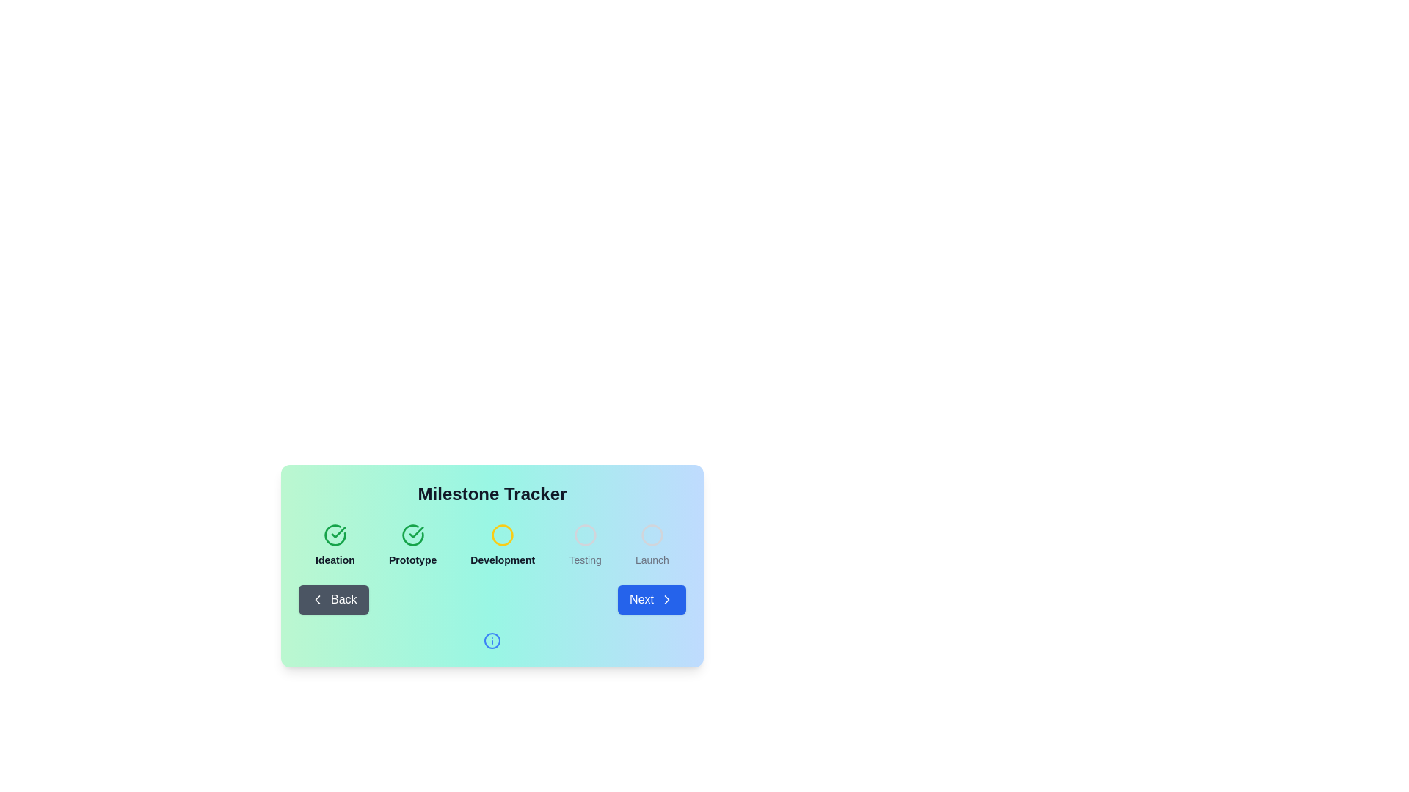 Image resolution: width=1409 pixels, height=792 pixels. What do you see at coordinates (492, 640) in the screenshot?
I see `the circular element located centrally in the lower section of the milestone tracker interface box, which serves as a structural or decorative part of the icon` at bounding box center [492, 640].